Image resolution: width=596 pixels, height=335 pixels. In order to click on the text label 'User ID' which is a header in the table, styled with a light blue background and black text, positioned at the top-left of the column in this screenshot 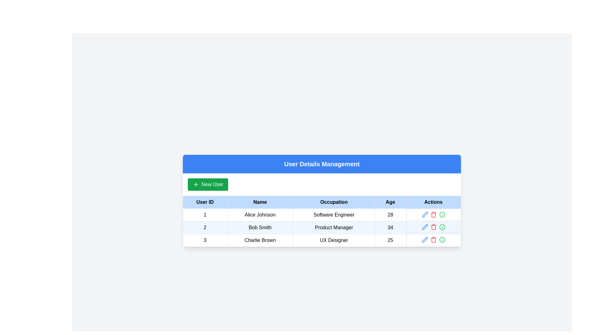, I will do `click(205, 202)`.